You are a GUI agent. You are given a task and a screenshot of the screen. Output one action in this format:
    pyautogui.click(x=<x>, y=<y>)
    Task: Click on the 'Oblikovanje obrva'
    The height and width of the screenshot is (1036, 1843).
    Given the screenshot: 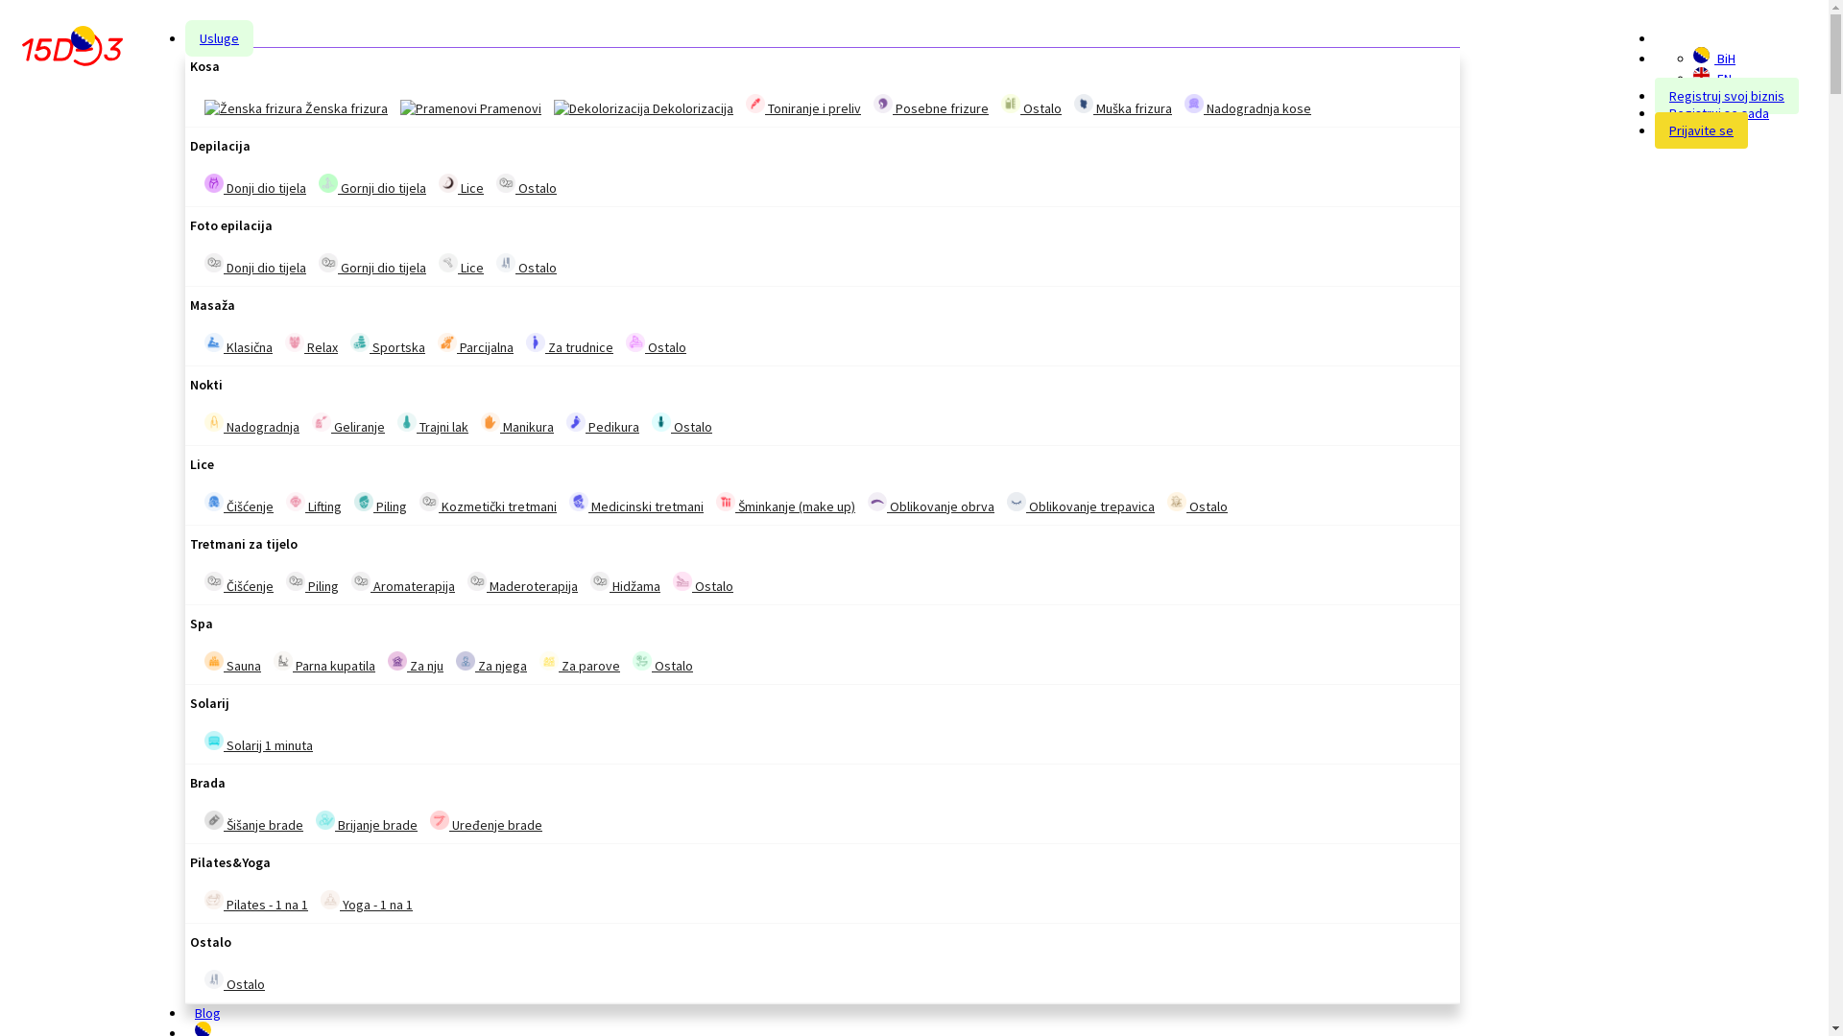 What is the action you would take?
    pyautogui.click(x=875, y=501)
    